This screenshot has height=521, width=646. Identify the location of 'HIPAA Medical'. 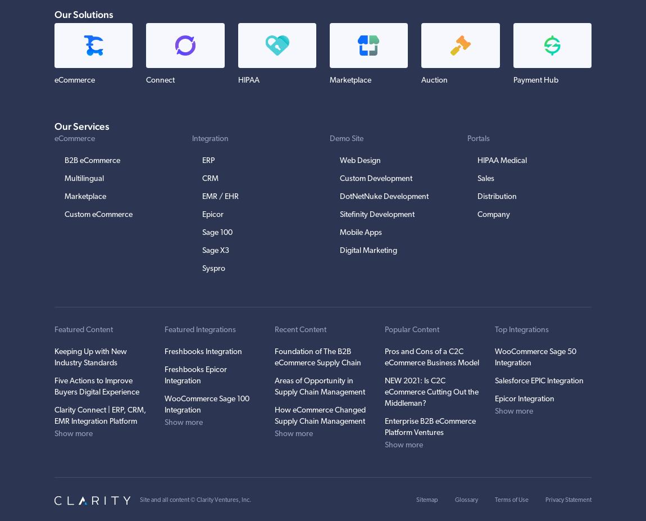
(502, 160).